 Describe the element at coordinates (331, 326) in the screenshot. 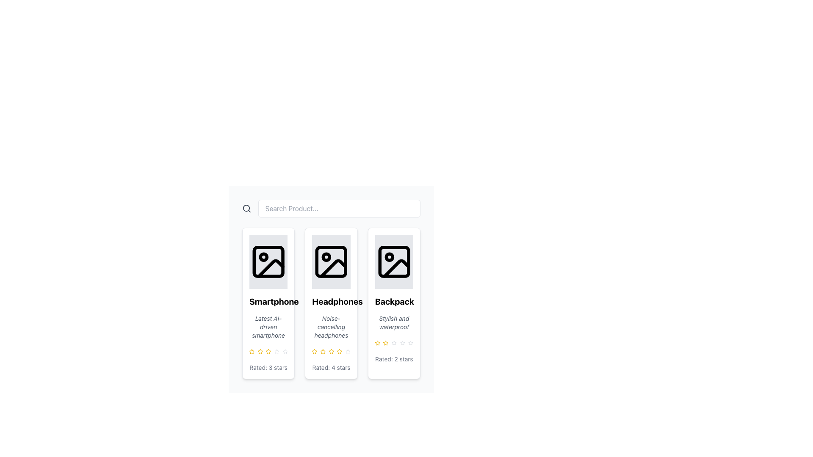

I see `text label displaying 'Noise-cancelling headphones' located in the second product card from the left under the title 'Headphones'` at that location.